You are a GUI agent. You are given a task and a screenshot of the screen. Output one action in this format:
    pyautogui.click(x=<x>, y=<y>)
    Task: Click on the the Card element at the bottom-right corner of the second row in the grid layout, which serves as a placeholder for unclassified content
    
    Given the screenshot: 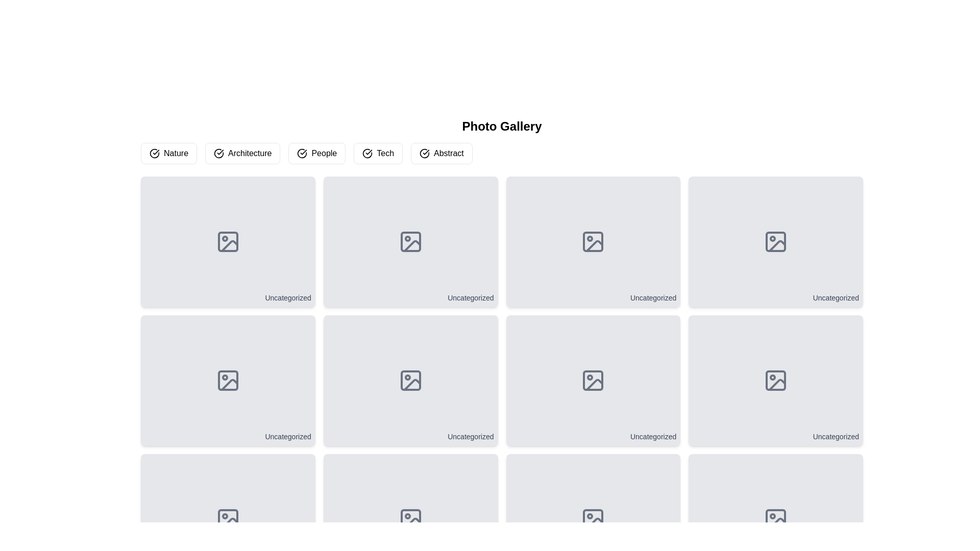 What is the action you would take?
    pyautogui.click(x=776, y=380)
    